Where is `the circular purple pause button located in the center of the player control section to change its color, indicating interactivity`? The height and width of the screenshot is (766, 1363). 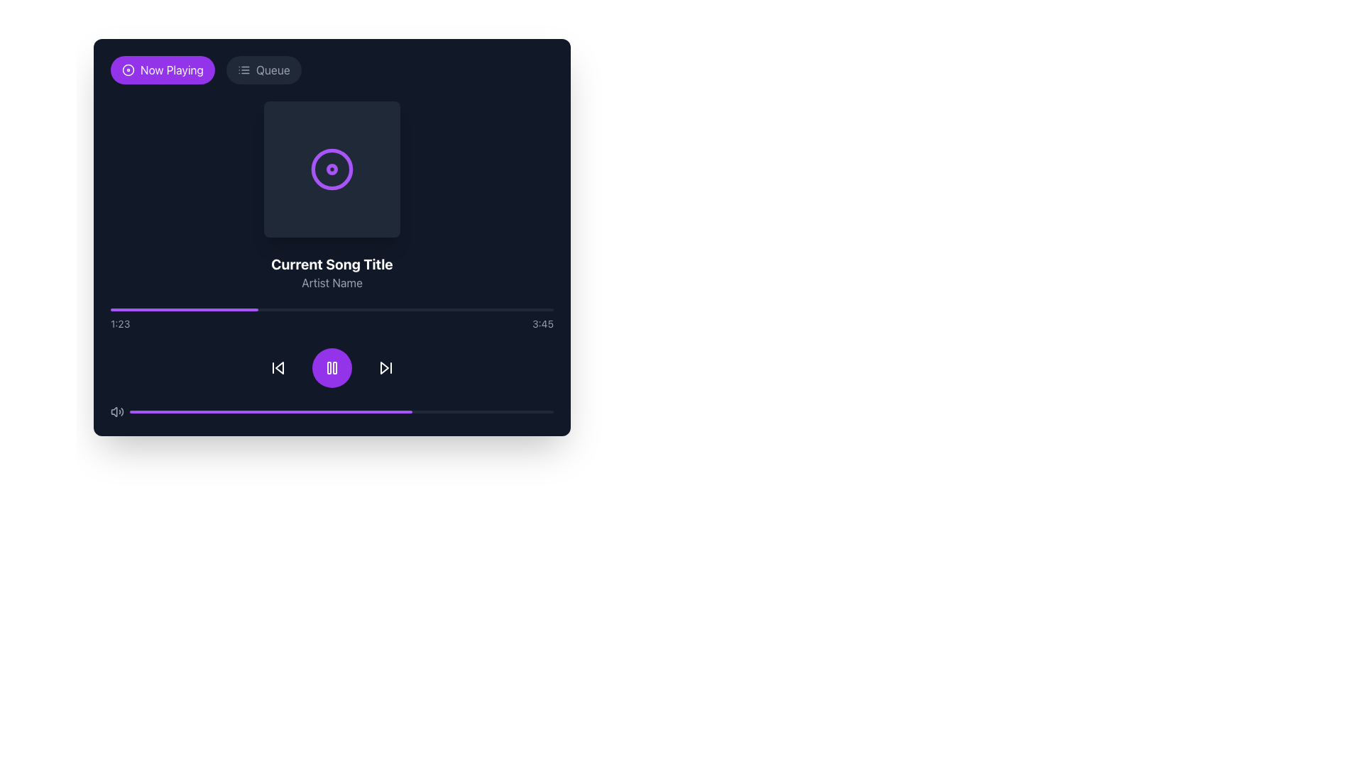
the circular purple pause button located in the center of the player control section to change its color, indicating interactivity is located at coordinates (331, 367).